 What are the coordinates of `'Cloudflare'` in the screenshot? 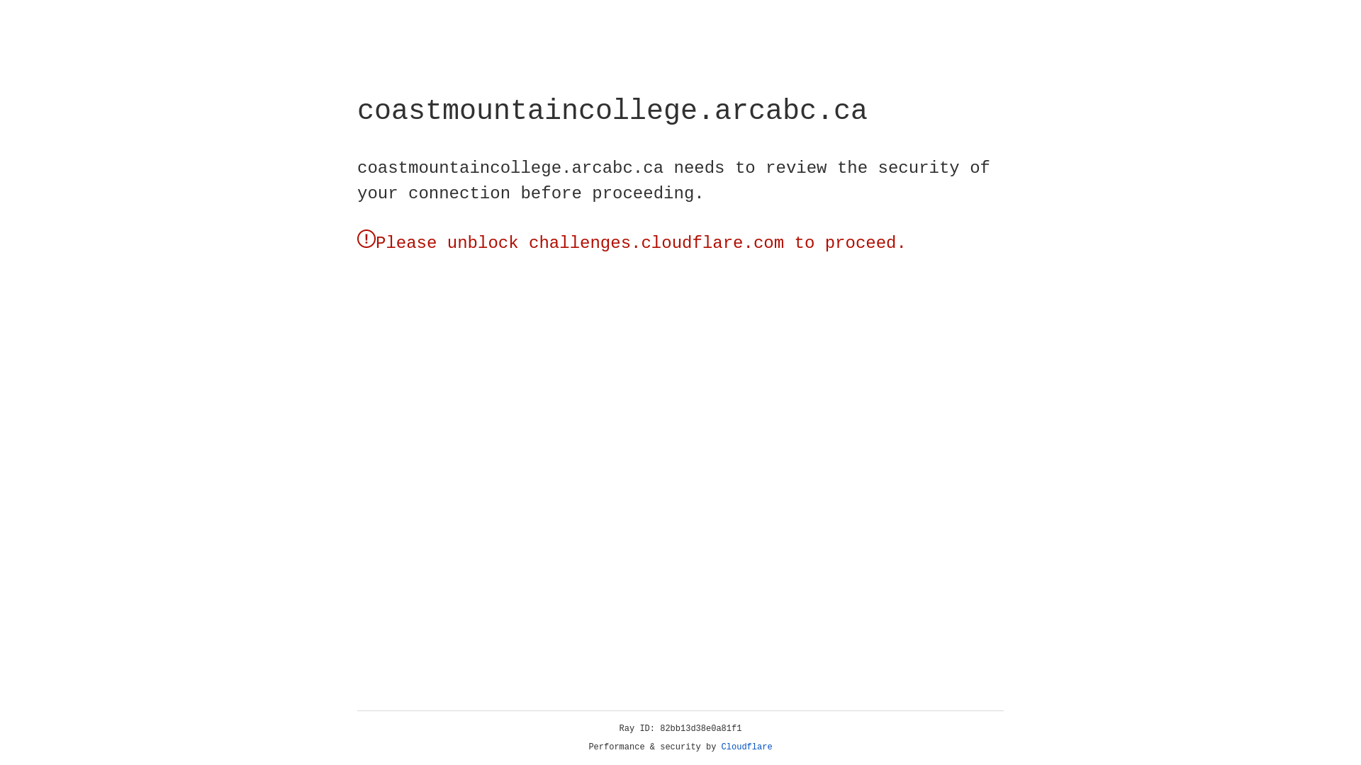 It's located at (746, 747).